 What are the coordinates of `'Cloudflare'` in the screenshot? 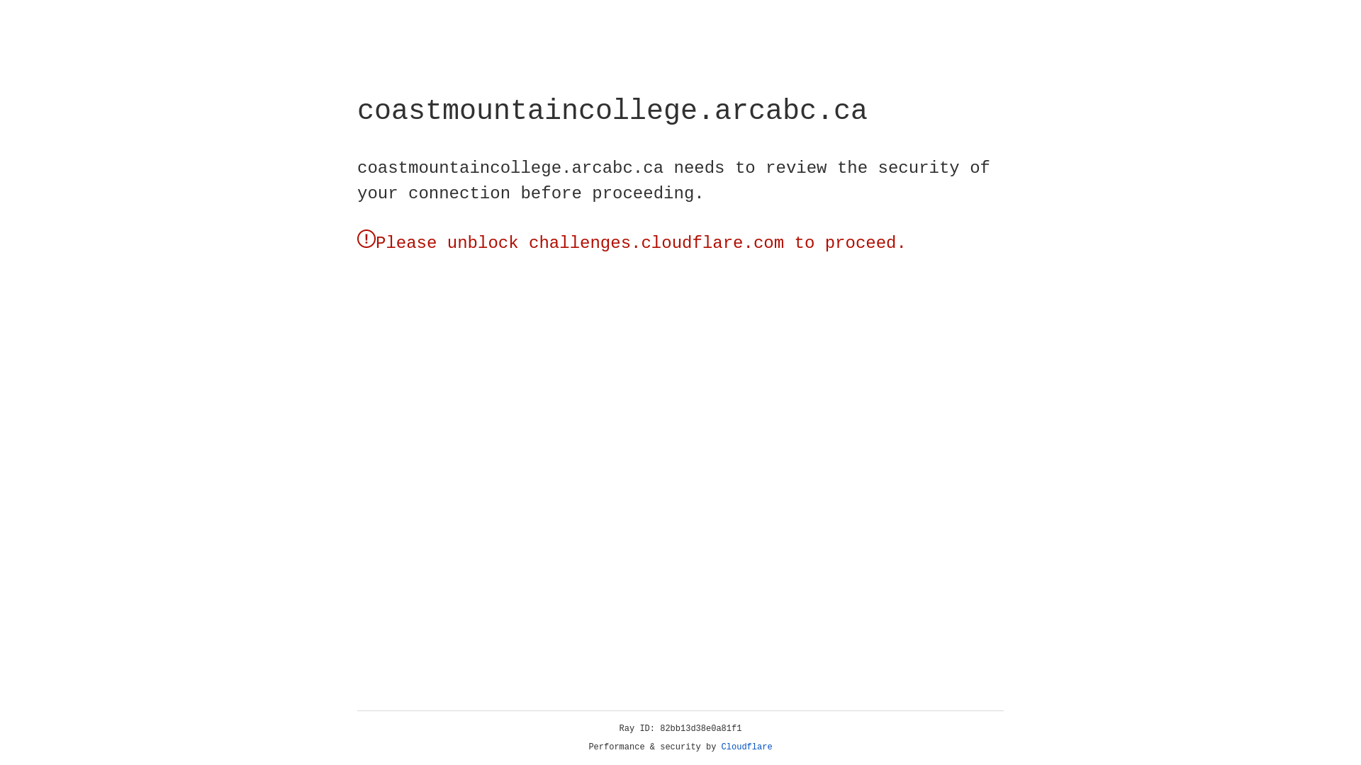 It's located at (746, 747).